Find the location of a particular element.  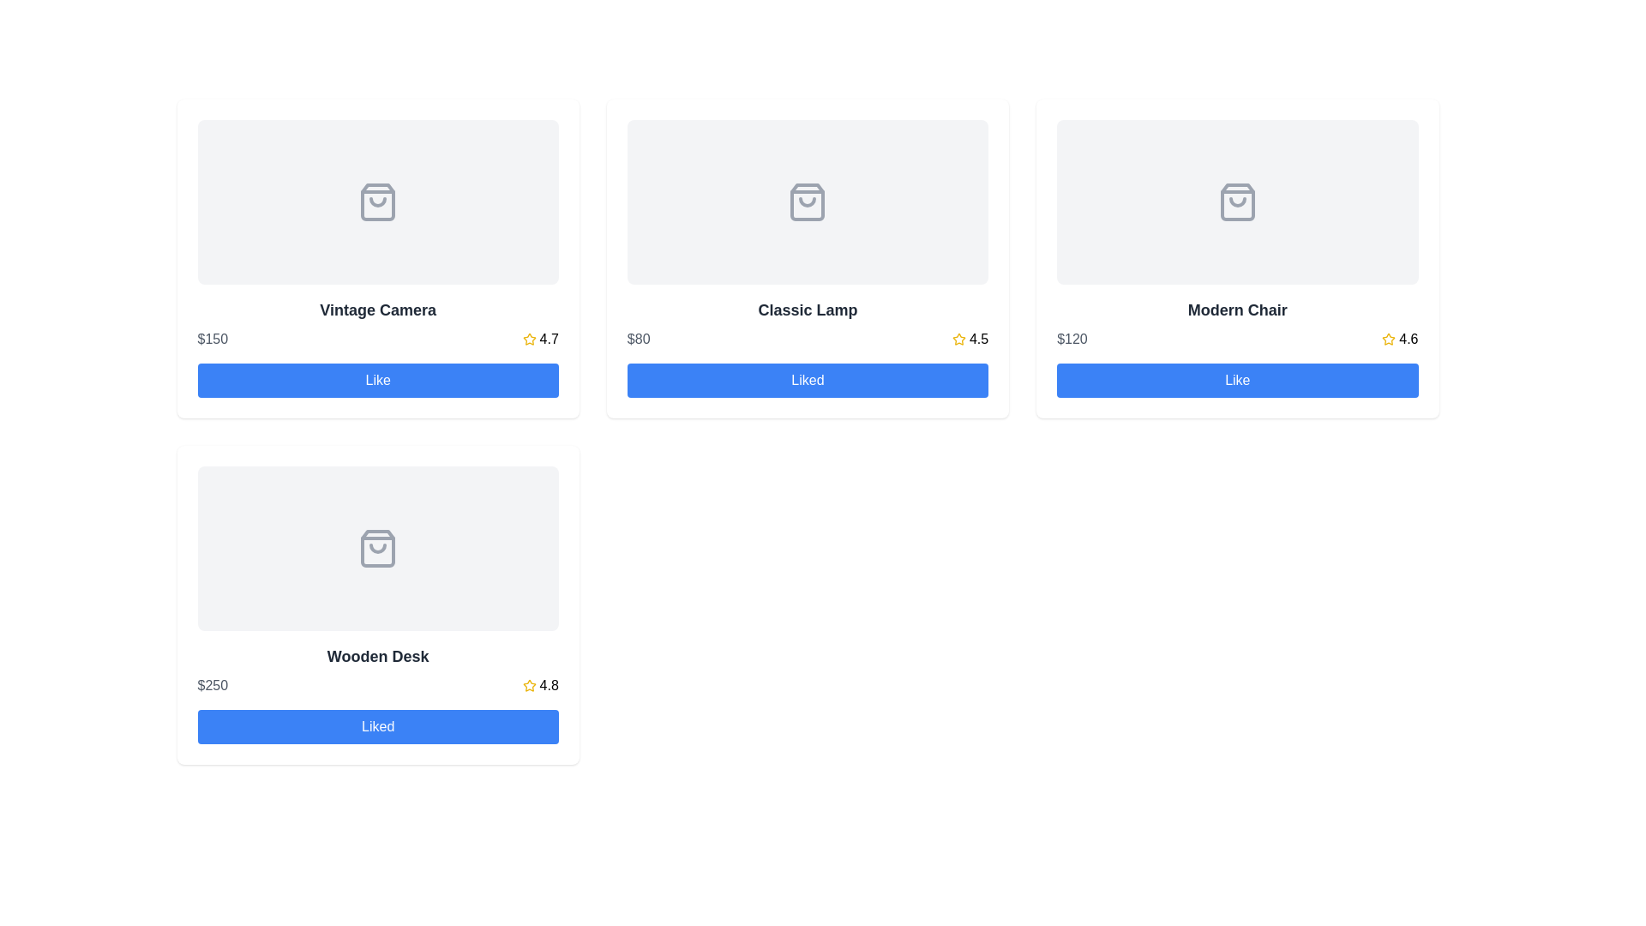

the shopping bag icon located in the upper section of the 'Modern Chair' product card, which is the third card from the left in the top row is located at coordinates (1237, 201).